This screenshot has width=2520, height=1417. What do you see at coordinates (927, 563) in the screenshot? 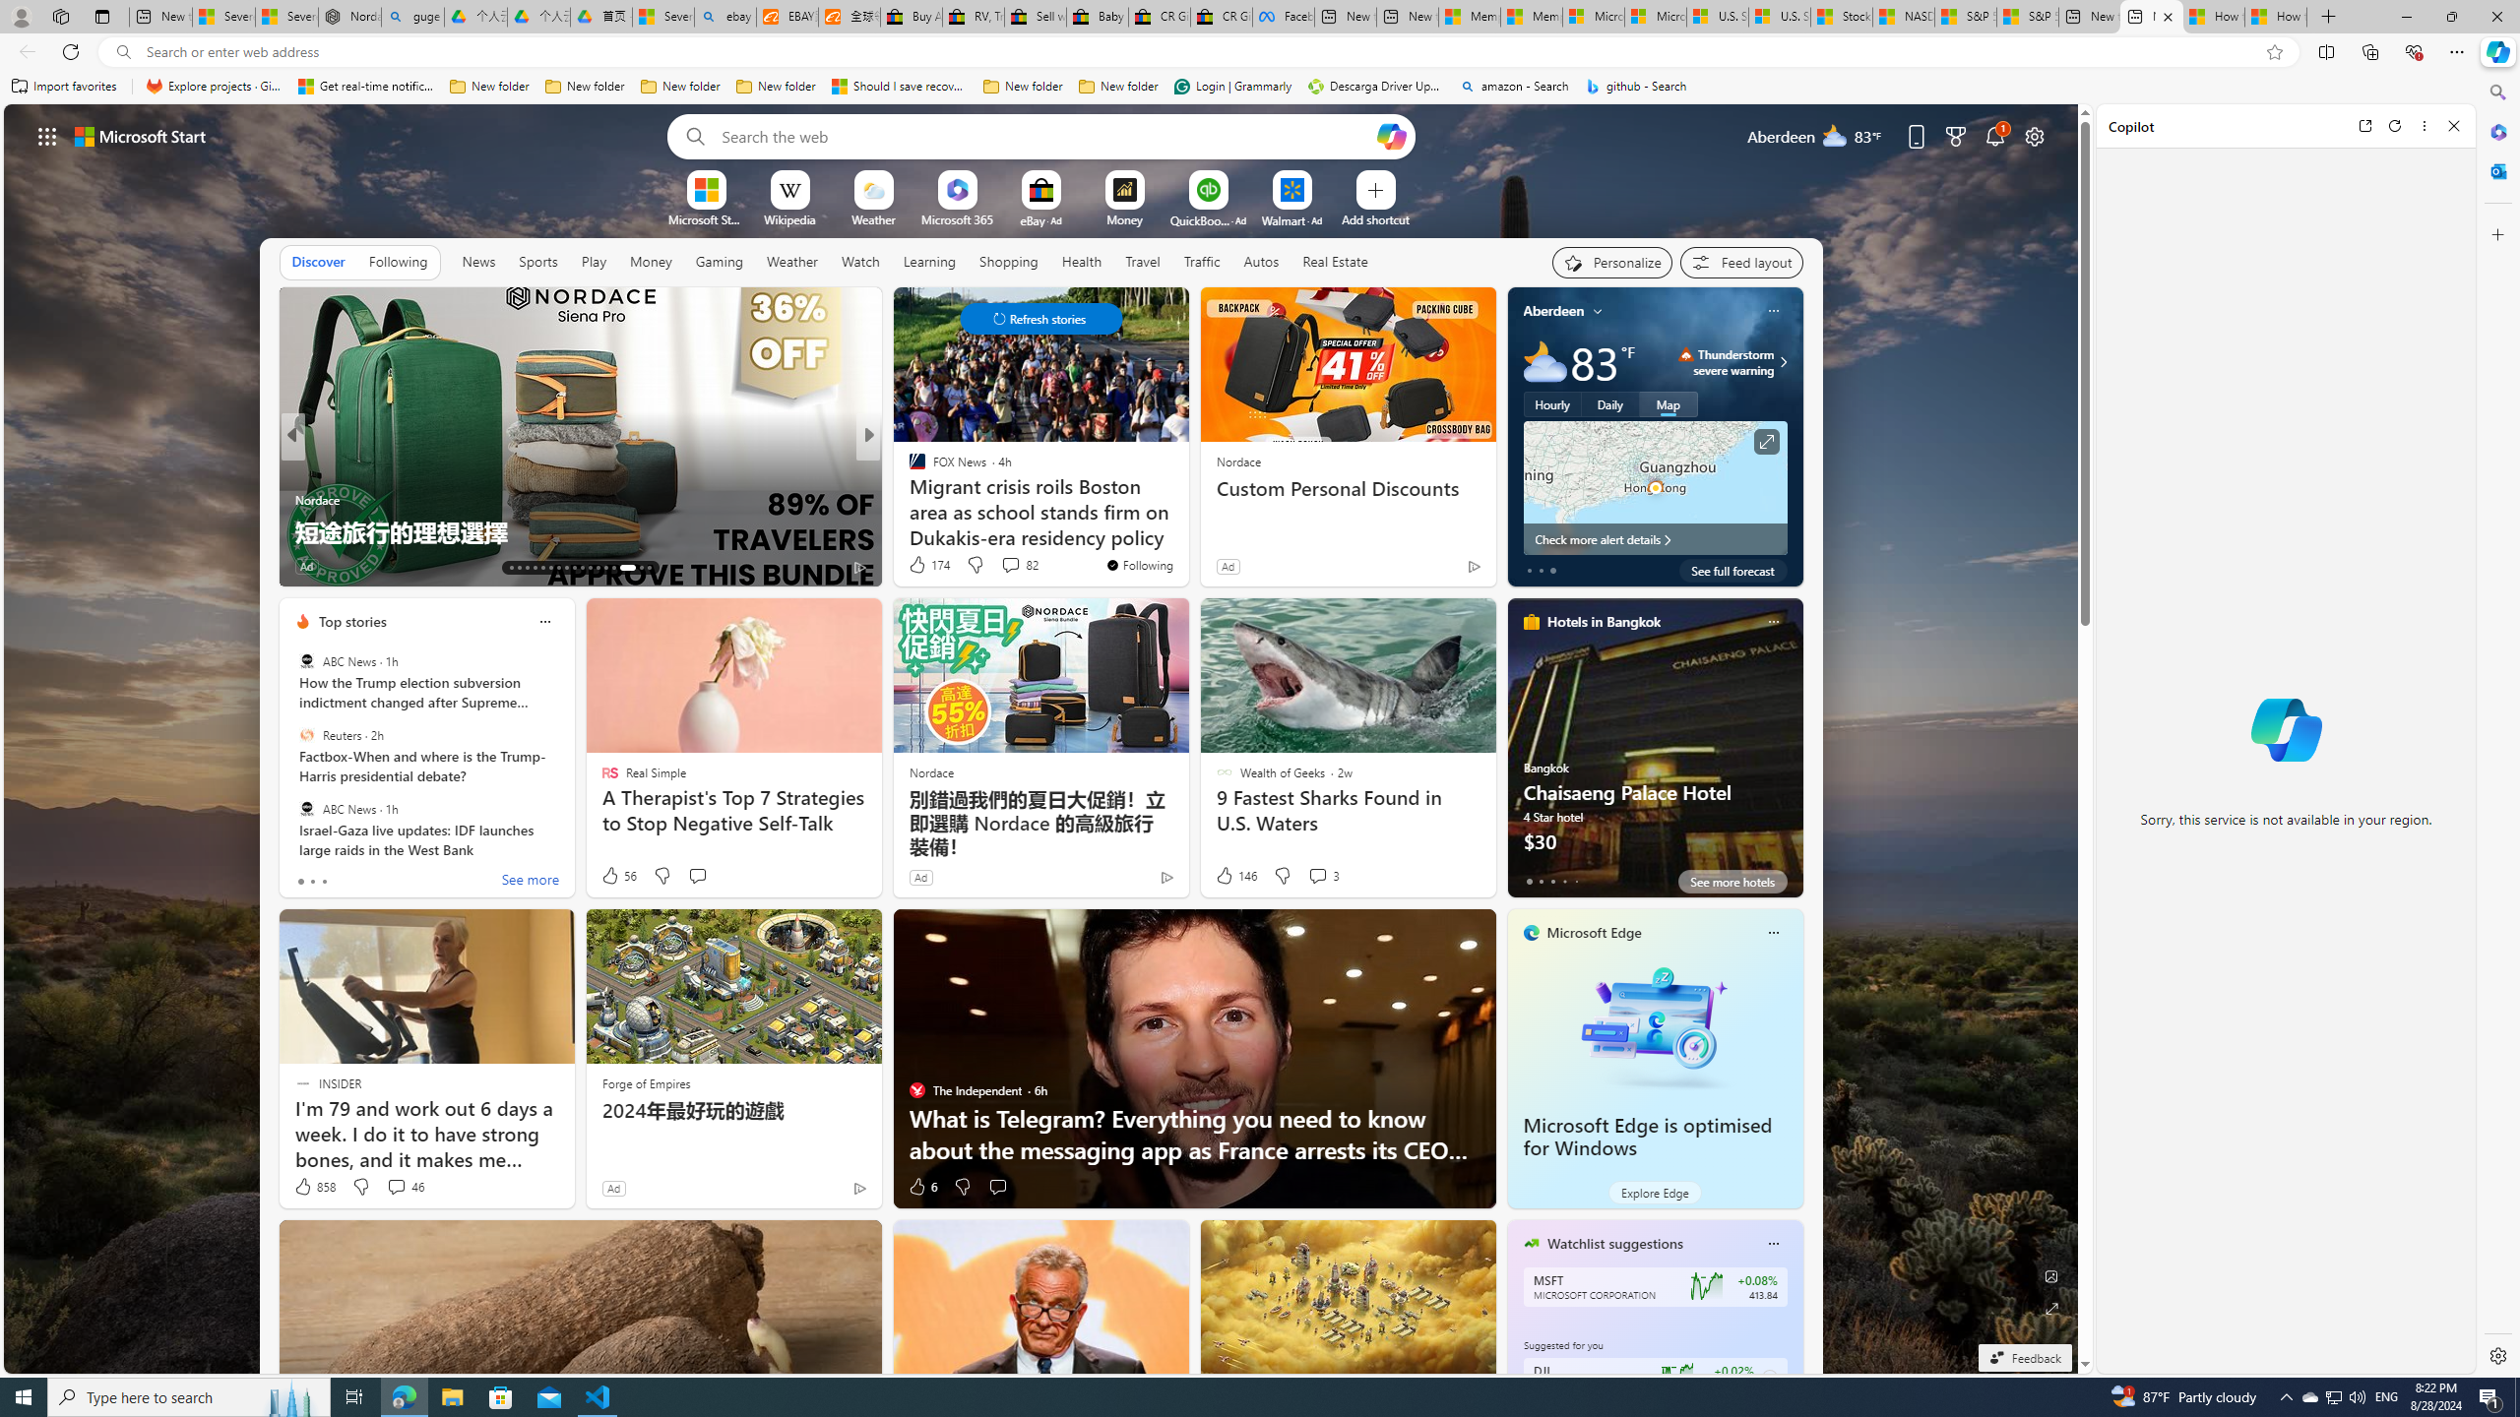
I see `'174 Like'` at bounding box center [927, 563].